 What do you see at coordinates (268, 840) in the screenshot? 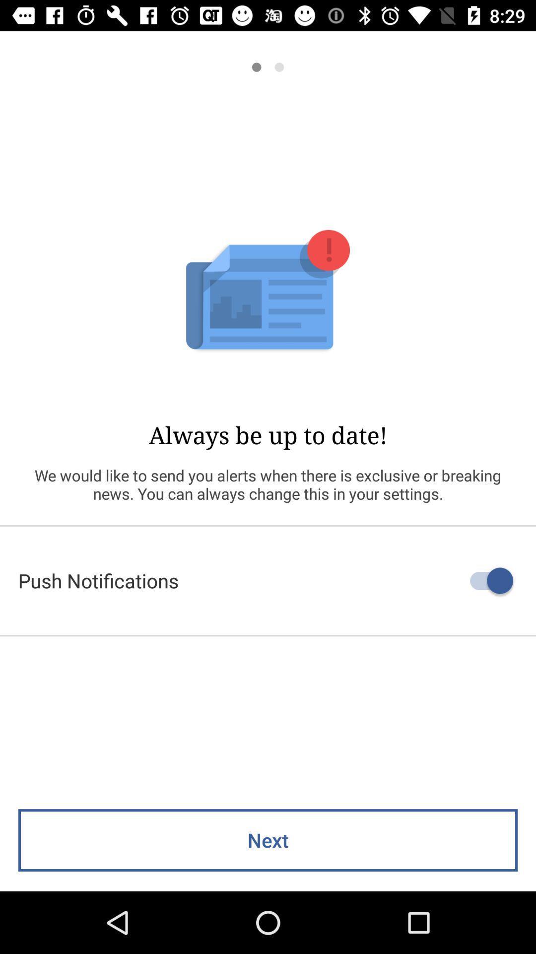
I see `the next icon` at bounding box center [268, 840].